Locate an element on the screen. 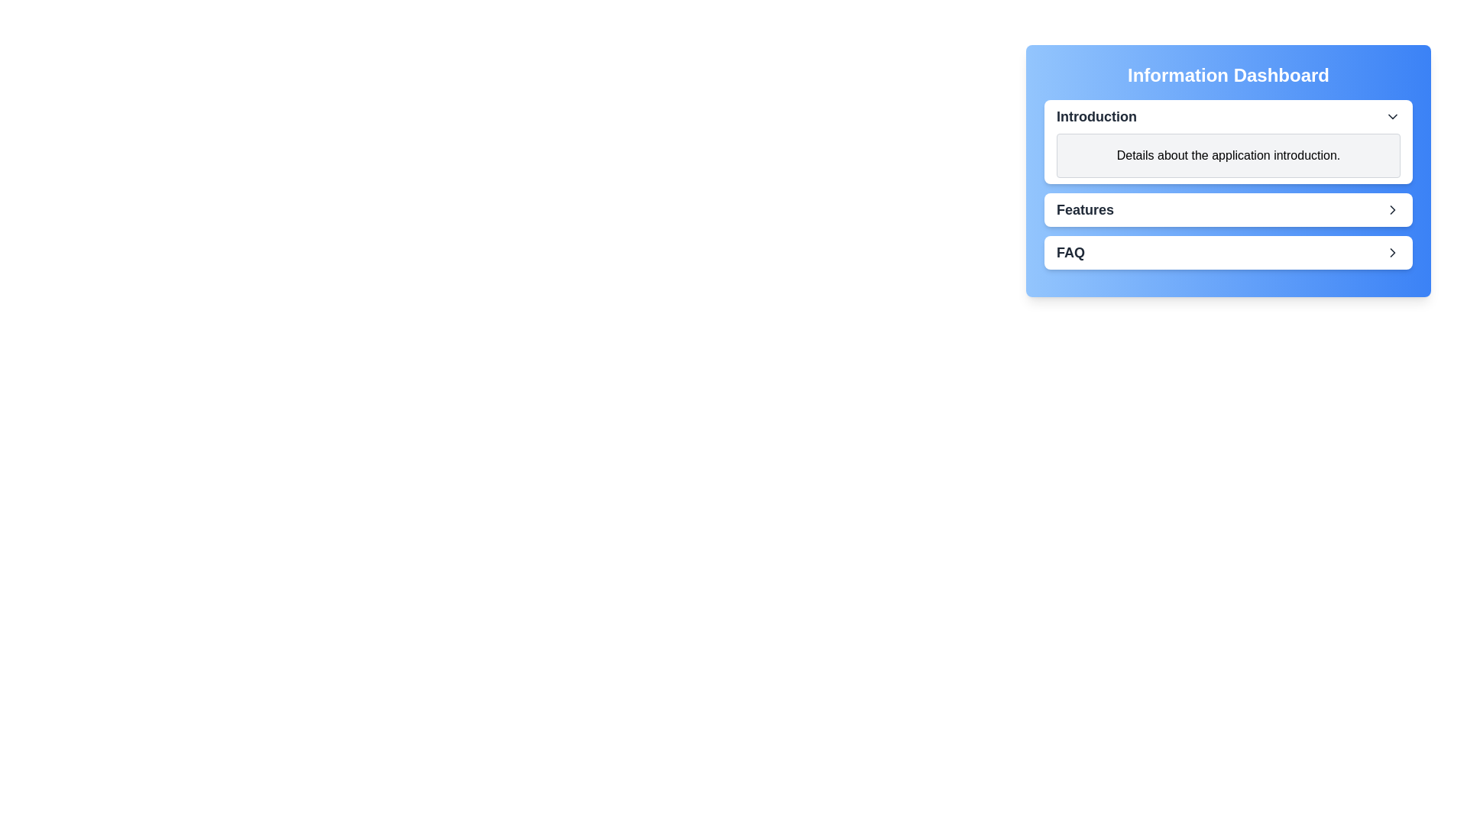 This screenshot has height=825, width=1467. the Static Text Content element located under the 'Introduction' title and above the 'Features' section within the blue and white themed card module is located at coordinates (1229, 184).